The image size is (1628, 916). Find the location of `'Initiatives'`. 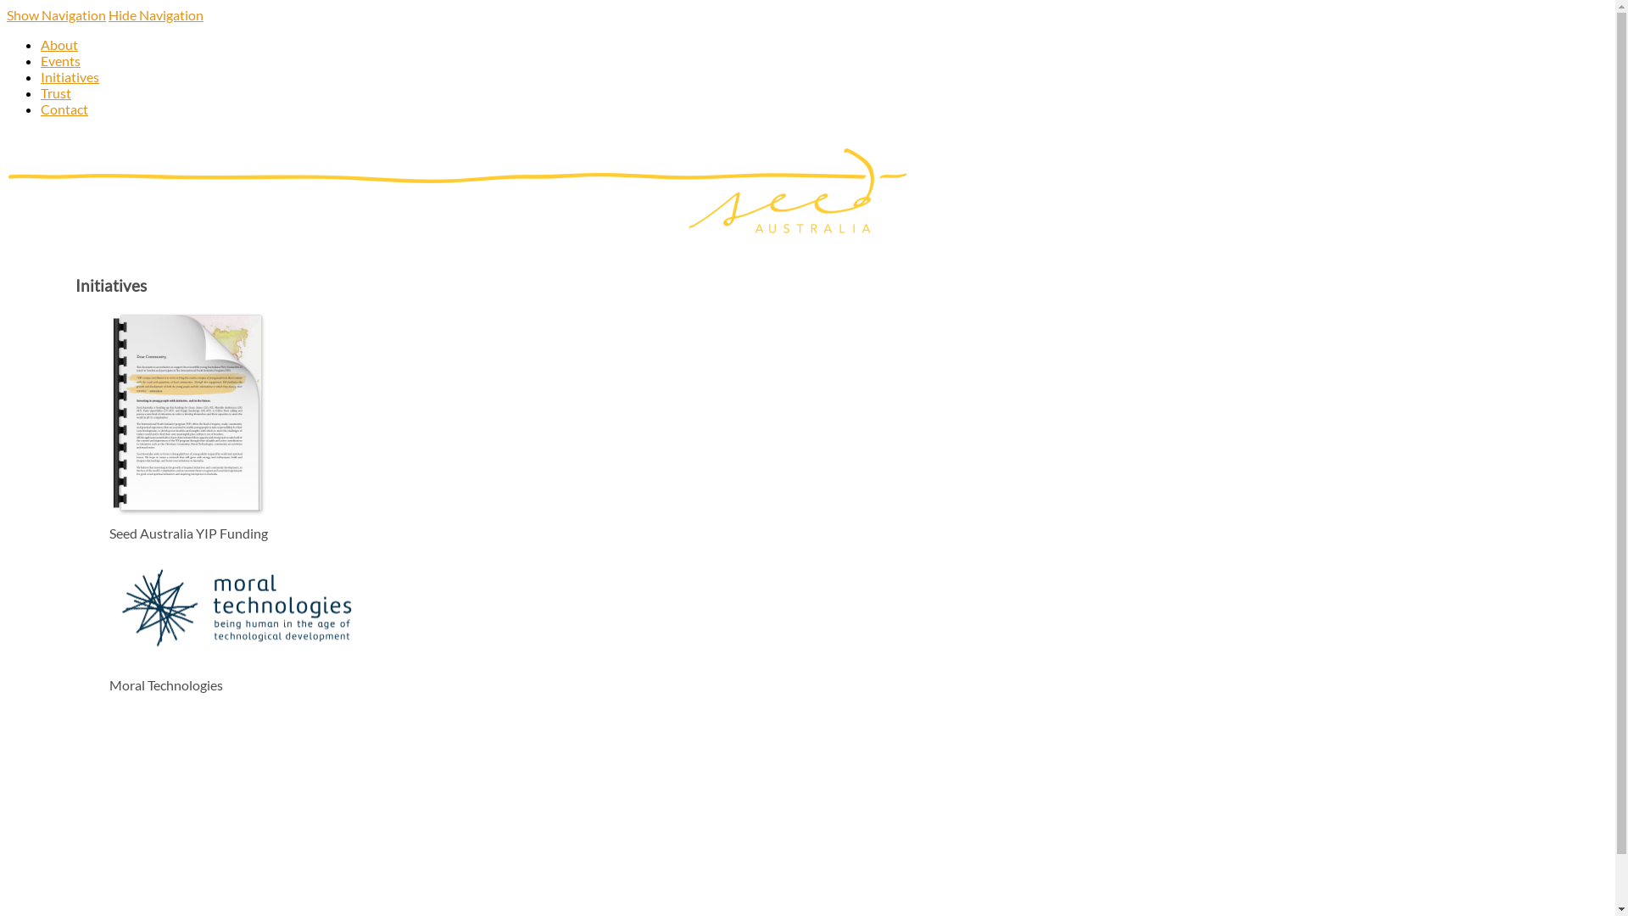

'Initiatives' is located at coordinates (69, 76).